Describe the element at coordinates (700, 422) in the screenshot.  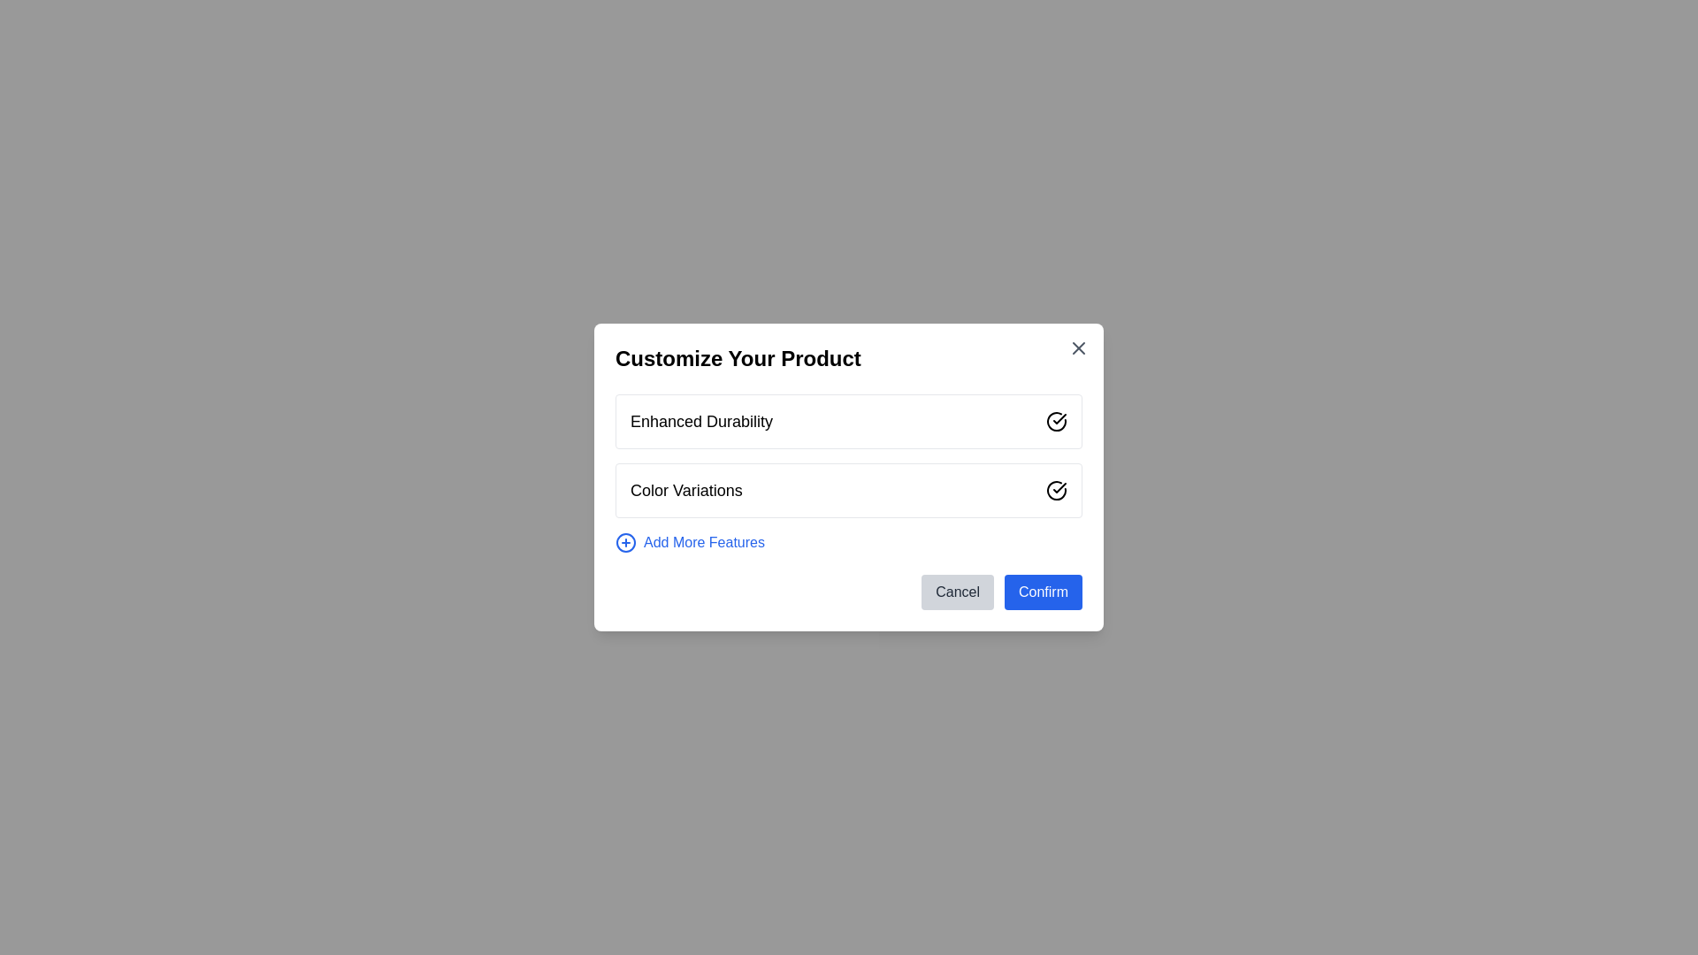
I see `the static text label in the upper section of the 'Customize Your Product' dialog box, which describes a selectable feature` at that location.